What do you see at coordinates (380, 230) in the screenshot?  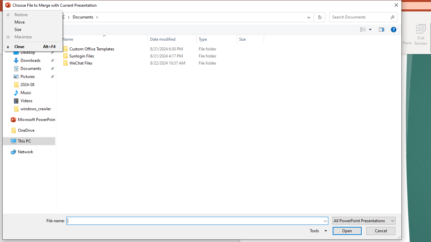 I see `'Cancel'` at bounding box center [380, 230].